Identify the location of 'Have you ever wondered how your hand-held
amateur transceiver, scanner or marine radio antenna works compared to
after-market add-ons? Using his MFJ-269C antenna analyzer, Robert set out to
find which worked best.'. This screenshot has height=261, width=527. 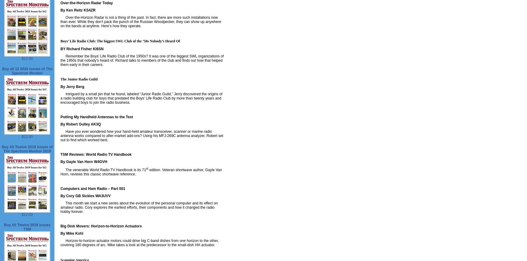
(142, 135).